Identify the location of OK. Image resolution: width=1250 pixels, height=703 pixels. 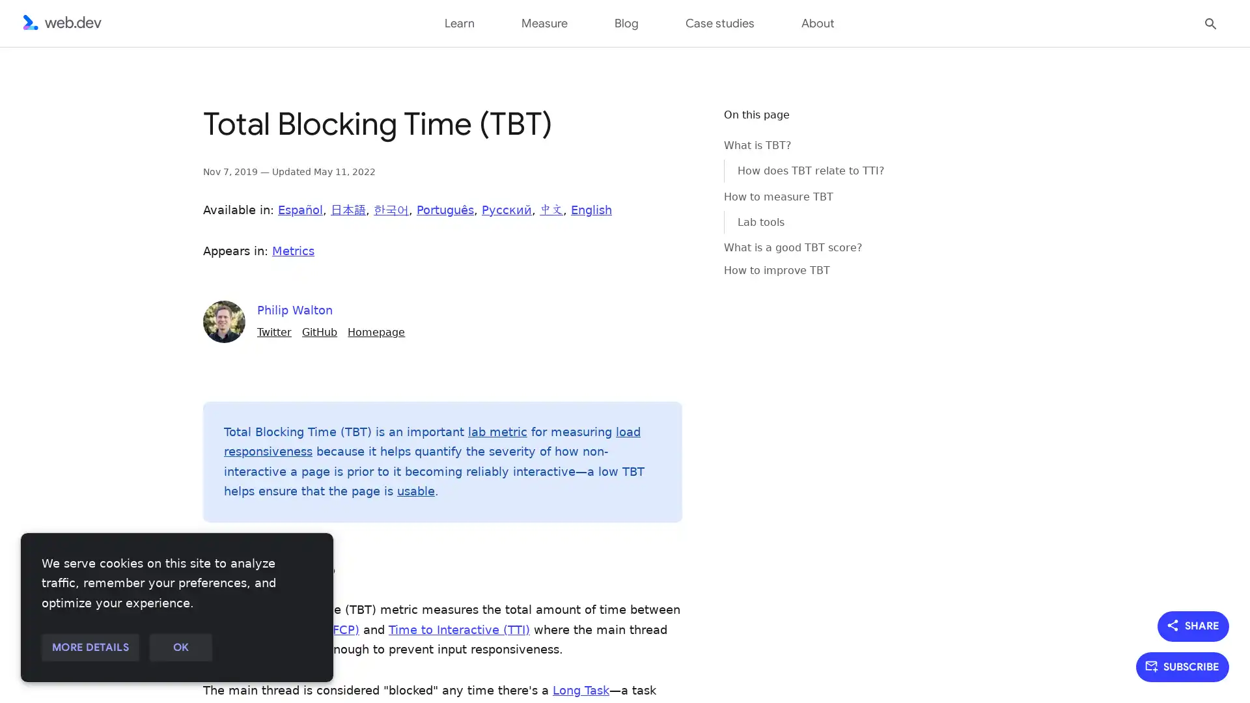
(180, 648).